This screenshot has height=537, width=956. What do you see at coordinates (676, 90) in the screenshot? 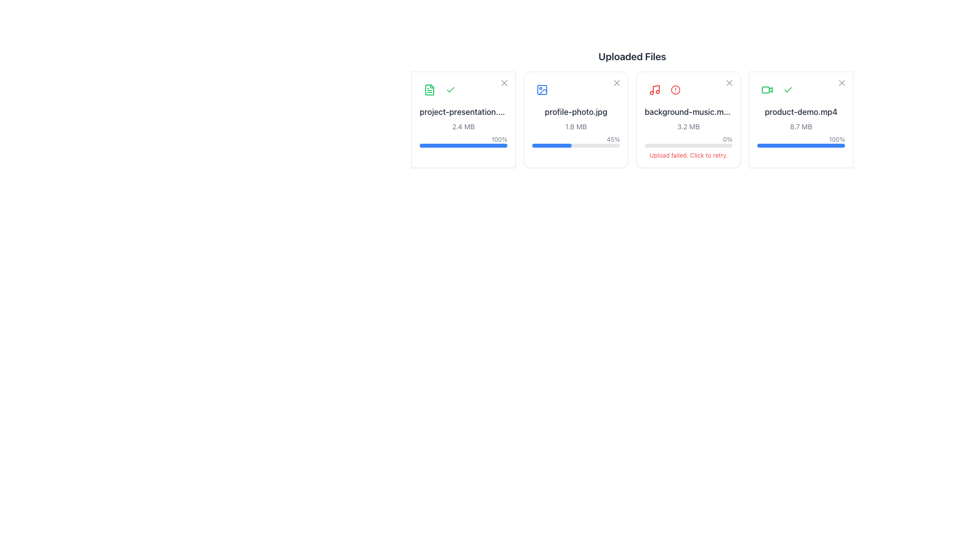
I see `the graphical vector element that forms part of the alert icon located in the file management section of the interface` at bounding box center [676, 90].